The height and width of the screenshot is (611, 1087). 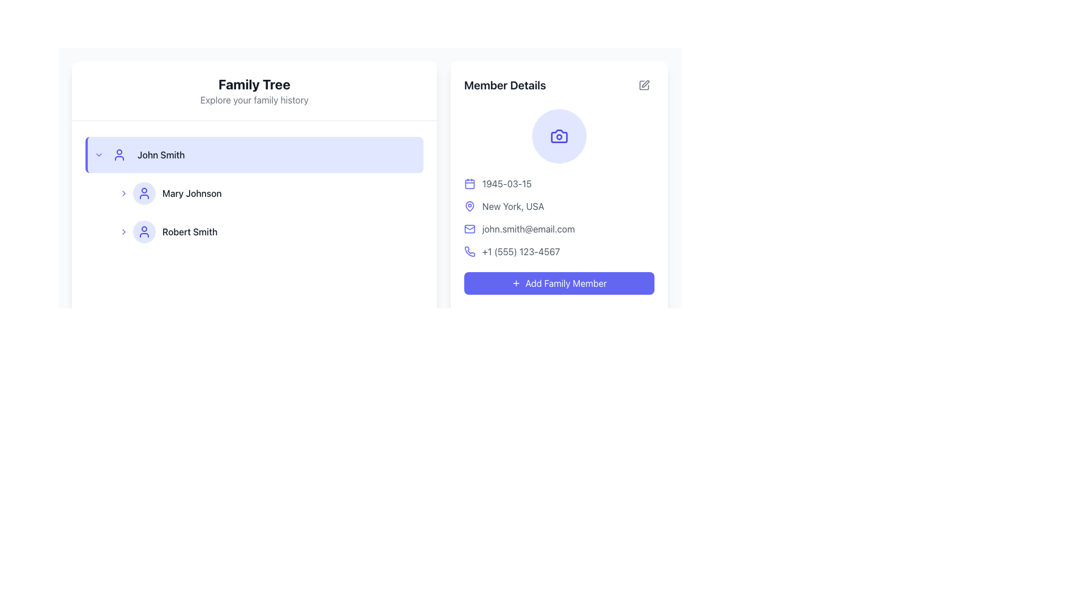 What do you see at coordinates (254, 100) in the screenshot?
I see `the text label displaying 'Explore your family history', which is styled in gray and located below the 'Family Tree' header in the left panel` at bounding box center [254, 100].